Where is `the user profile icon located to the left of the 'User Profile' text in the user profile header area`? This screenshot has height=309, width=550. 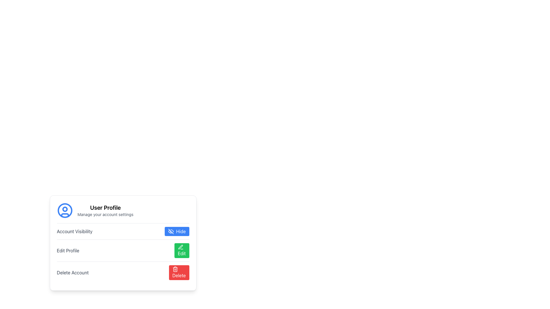
the user profile icon located to the left of the 'User Profile' text in the user profile header area is located at coordinates (65, 211).